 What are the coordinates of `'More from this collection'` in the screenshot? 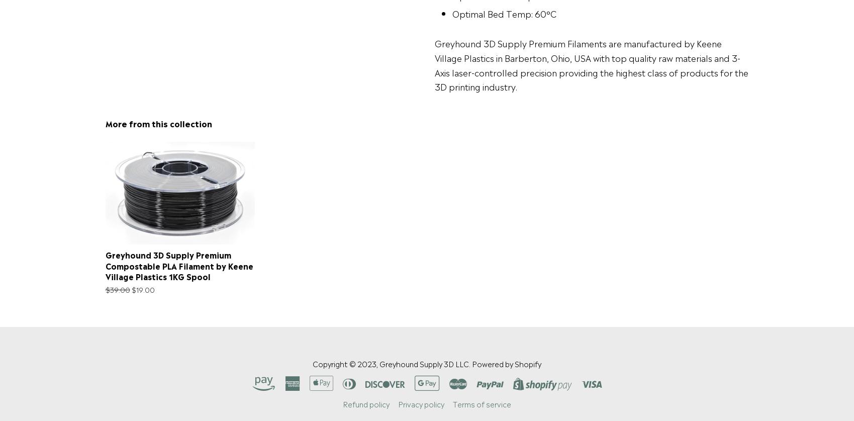 It's located at (157, 122).